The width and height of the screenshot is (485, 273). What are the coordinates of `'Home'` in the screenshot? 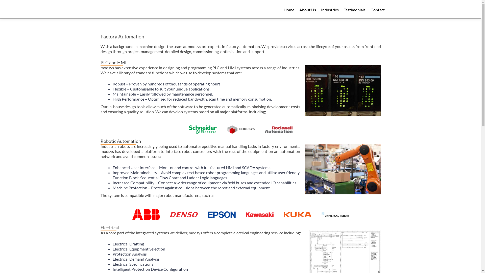 It's located at (288, 10).